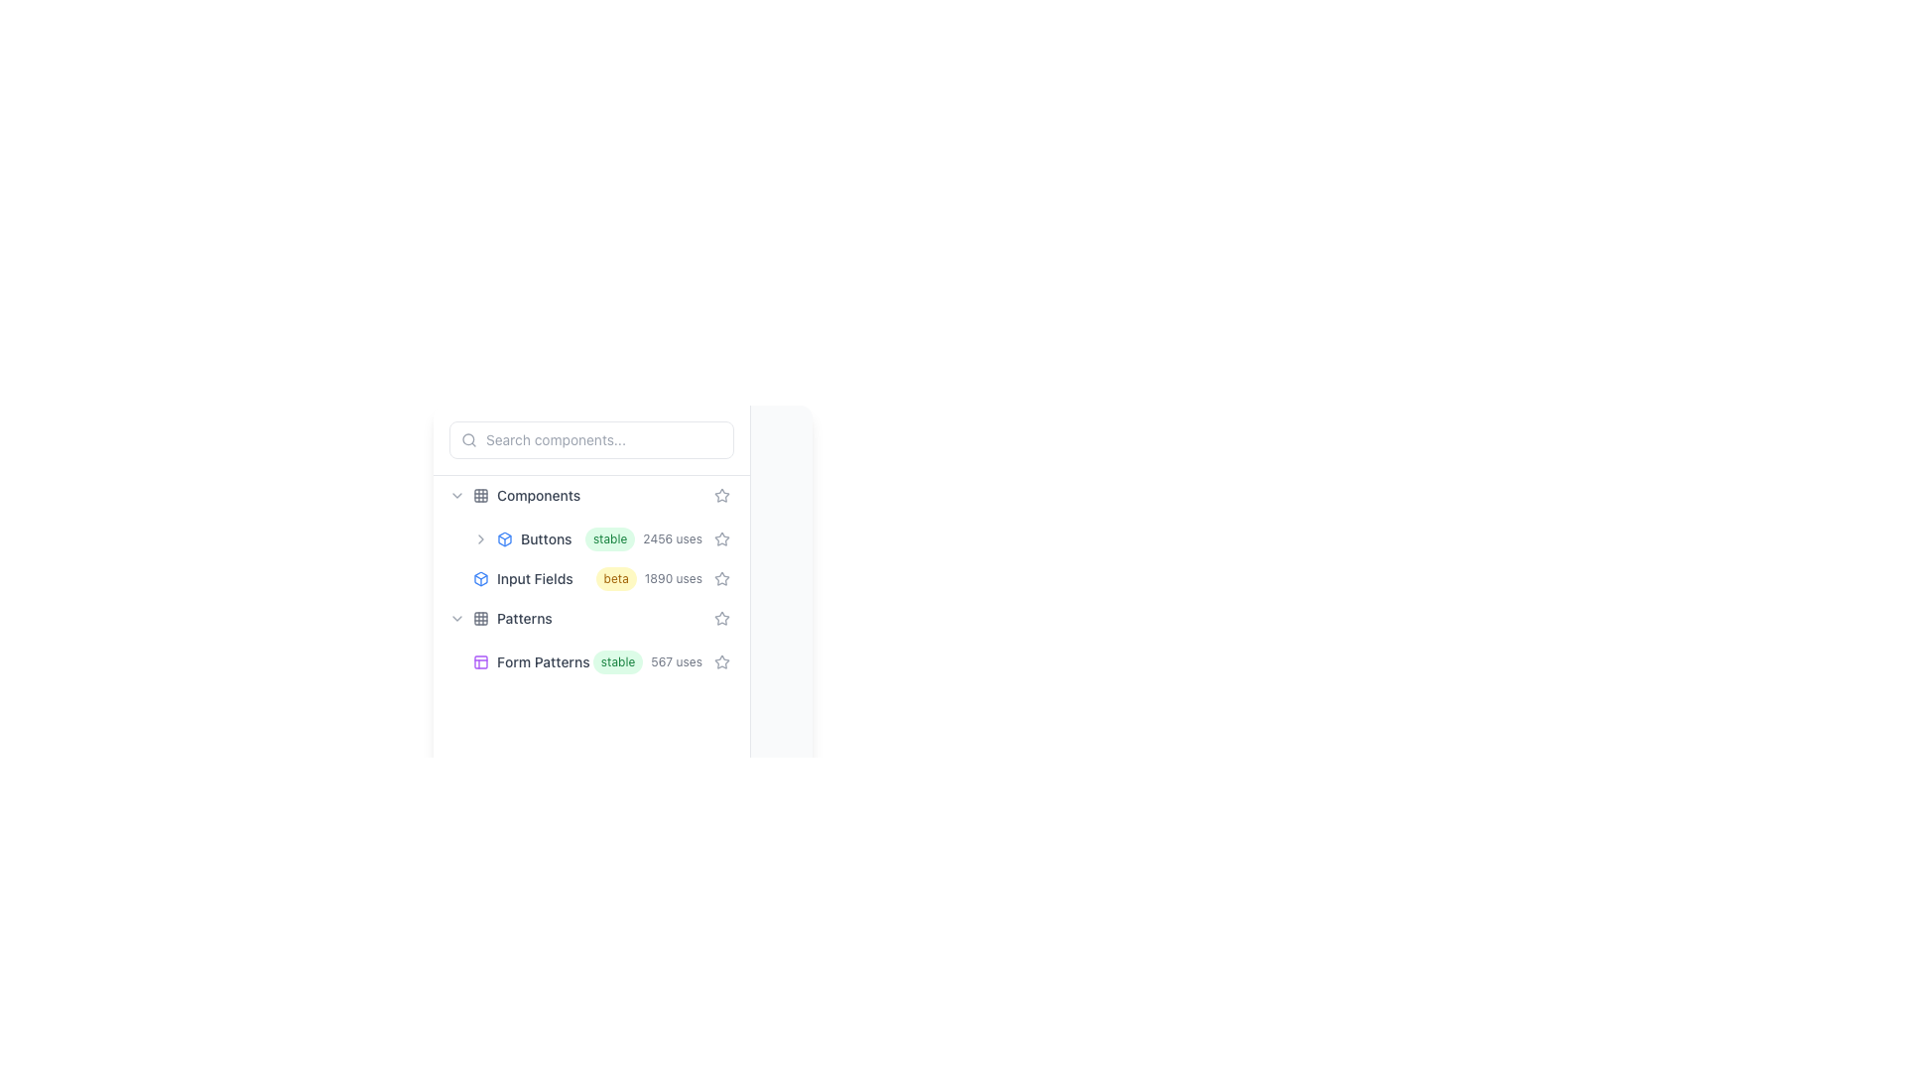 The height and width of the screenshot is (1071, 1905). What do you see at coordinates (617, 661) in the screenshot?
I see `the stability status label that indicates the item or feature as 'stable', located to the right of 'Form Patterns' and horizontally aligned with '567 uses'` at bounding box center [617, 661].